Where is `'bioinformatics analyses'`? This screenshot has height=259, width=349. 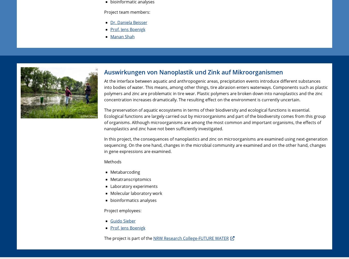 'bioinformatics analyses' is located at coordinates (133, 200).